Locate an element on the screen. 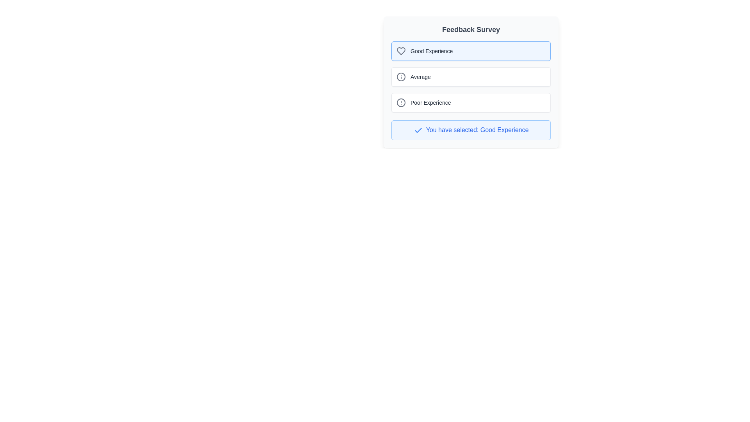 This screenshot has height=422, width=750. the SVG circle graphical component that is part of the 'Poor Experience' feedback option is located at coordinates (401, 102).